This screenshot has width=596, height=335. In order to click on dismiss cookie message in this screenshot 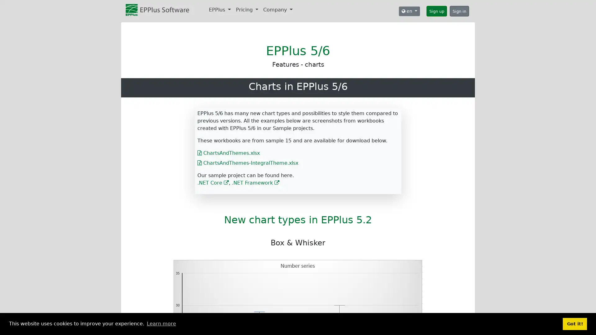, I will do `click(575, 324)`.